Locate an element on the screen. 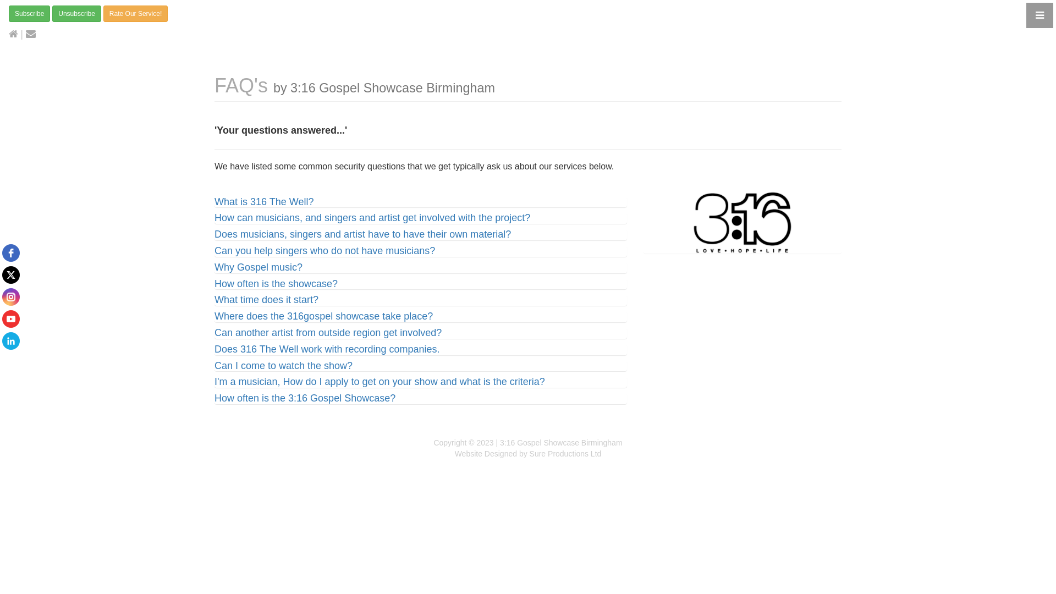 This screenshot has height=594, width=1056. 'Unsubscribe' is located at coordinates (76, 13).